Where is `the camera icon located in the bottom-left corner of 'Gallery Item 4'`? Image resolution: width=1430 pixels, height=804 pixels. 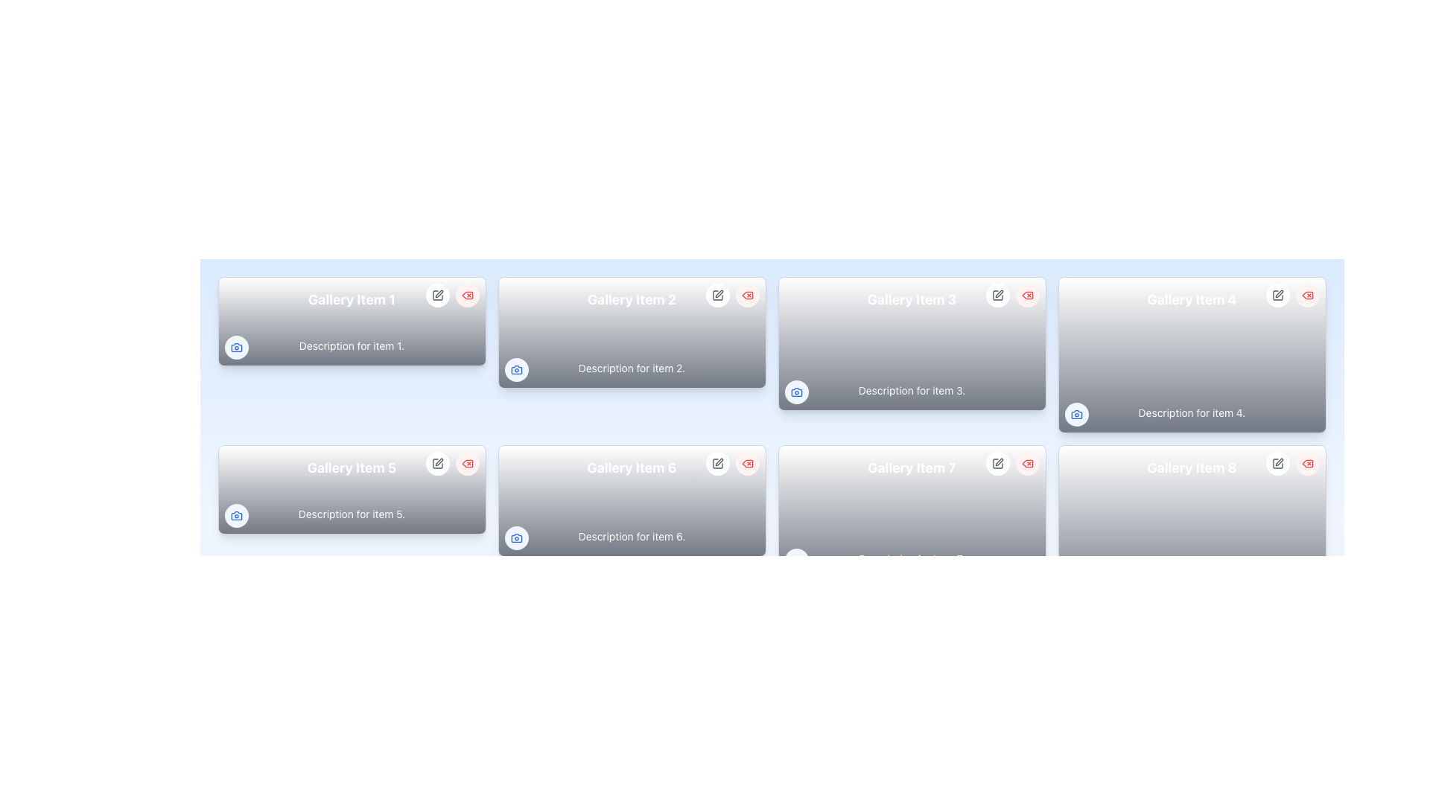
the camera icon located in the bottom-left corner of 'Gallery Item 4' is located at coordinates (1076, 414).